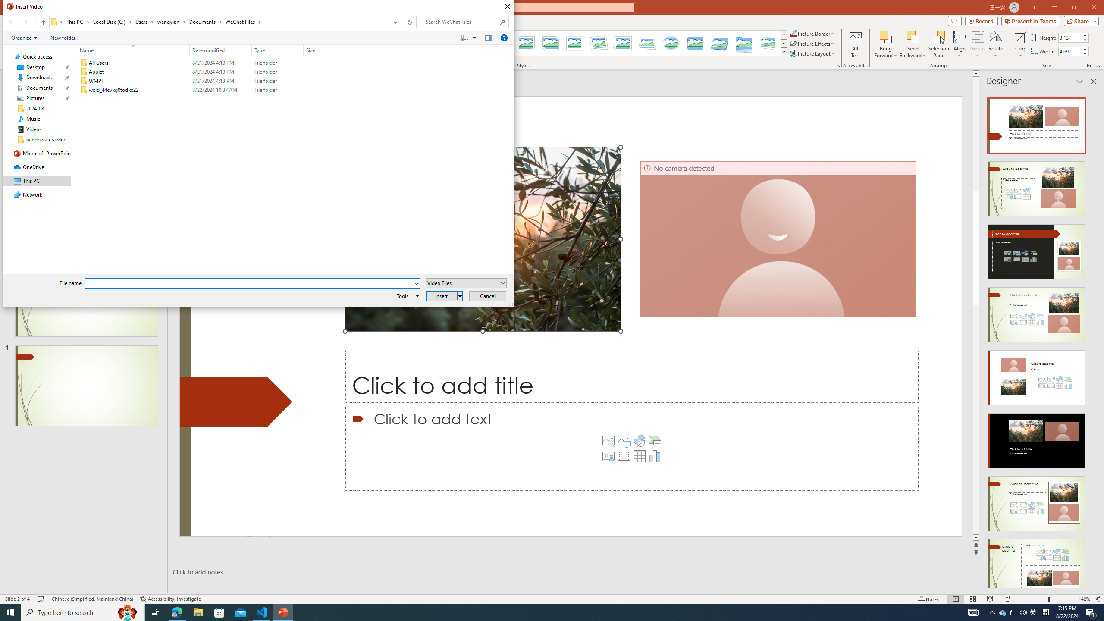 This screenshot has height=621, width=1104. What do you see at coordinates (640, 456) in the screenshot?
I see `'Insert Table'` at bounding box center [640, 456].